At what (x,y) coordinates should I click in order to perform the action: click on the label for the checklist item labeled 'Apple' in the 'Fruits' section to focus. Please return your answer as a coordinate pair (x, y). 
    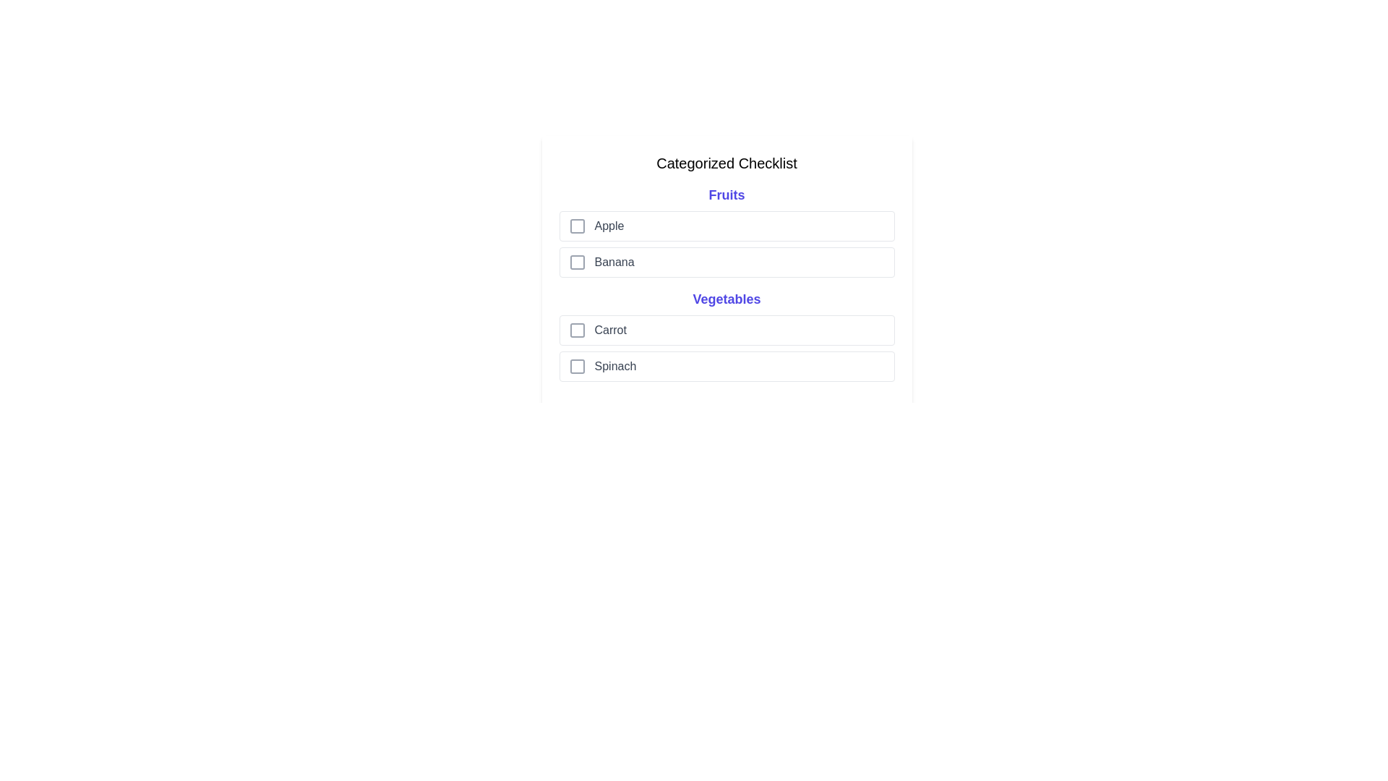
    Looking at the image, I should click on (609, 226).